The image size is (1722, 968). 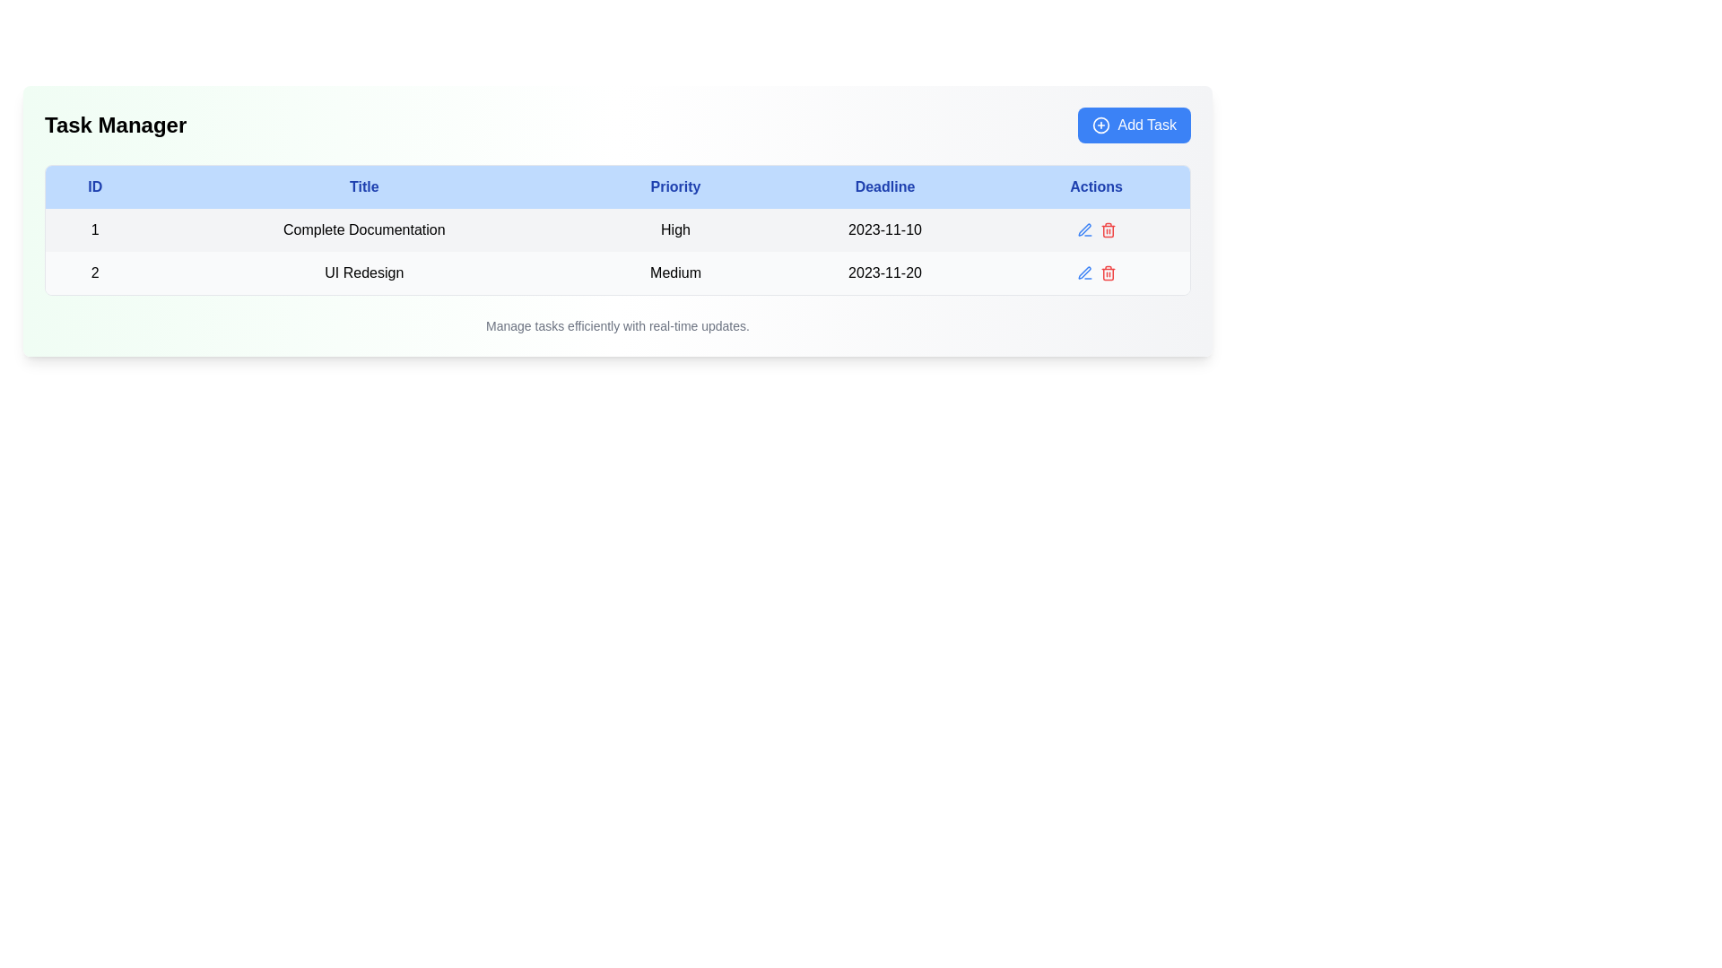 What do you see at coordinates (363, 186) in the screenshot?
I see `the 'Title' header text label in the table, which is the second cell in the header row, located between the 'ID' and 'Priority' cells` at bounding box center [363, 186].